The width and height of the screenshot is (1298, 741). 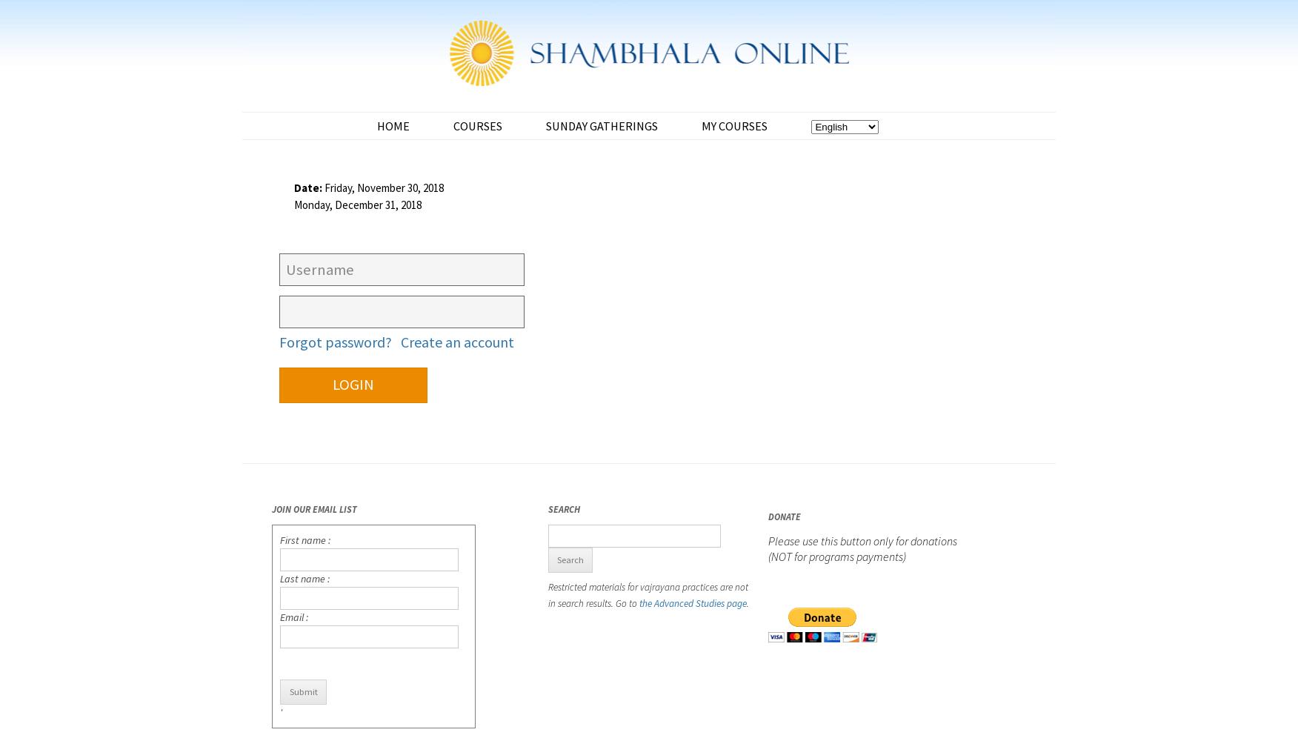 I want to click on 'Forgot password?', so click(x=336, y=341).